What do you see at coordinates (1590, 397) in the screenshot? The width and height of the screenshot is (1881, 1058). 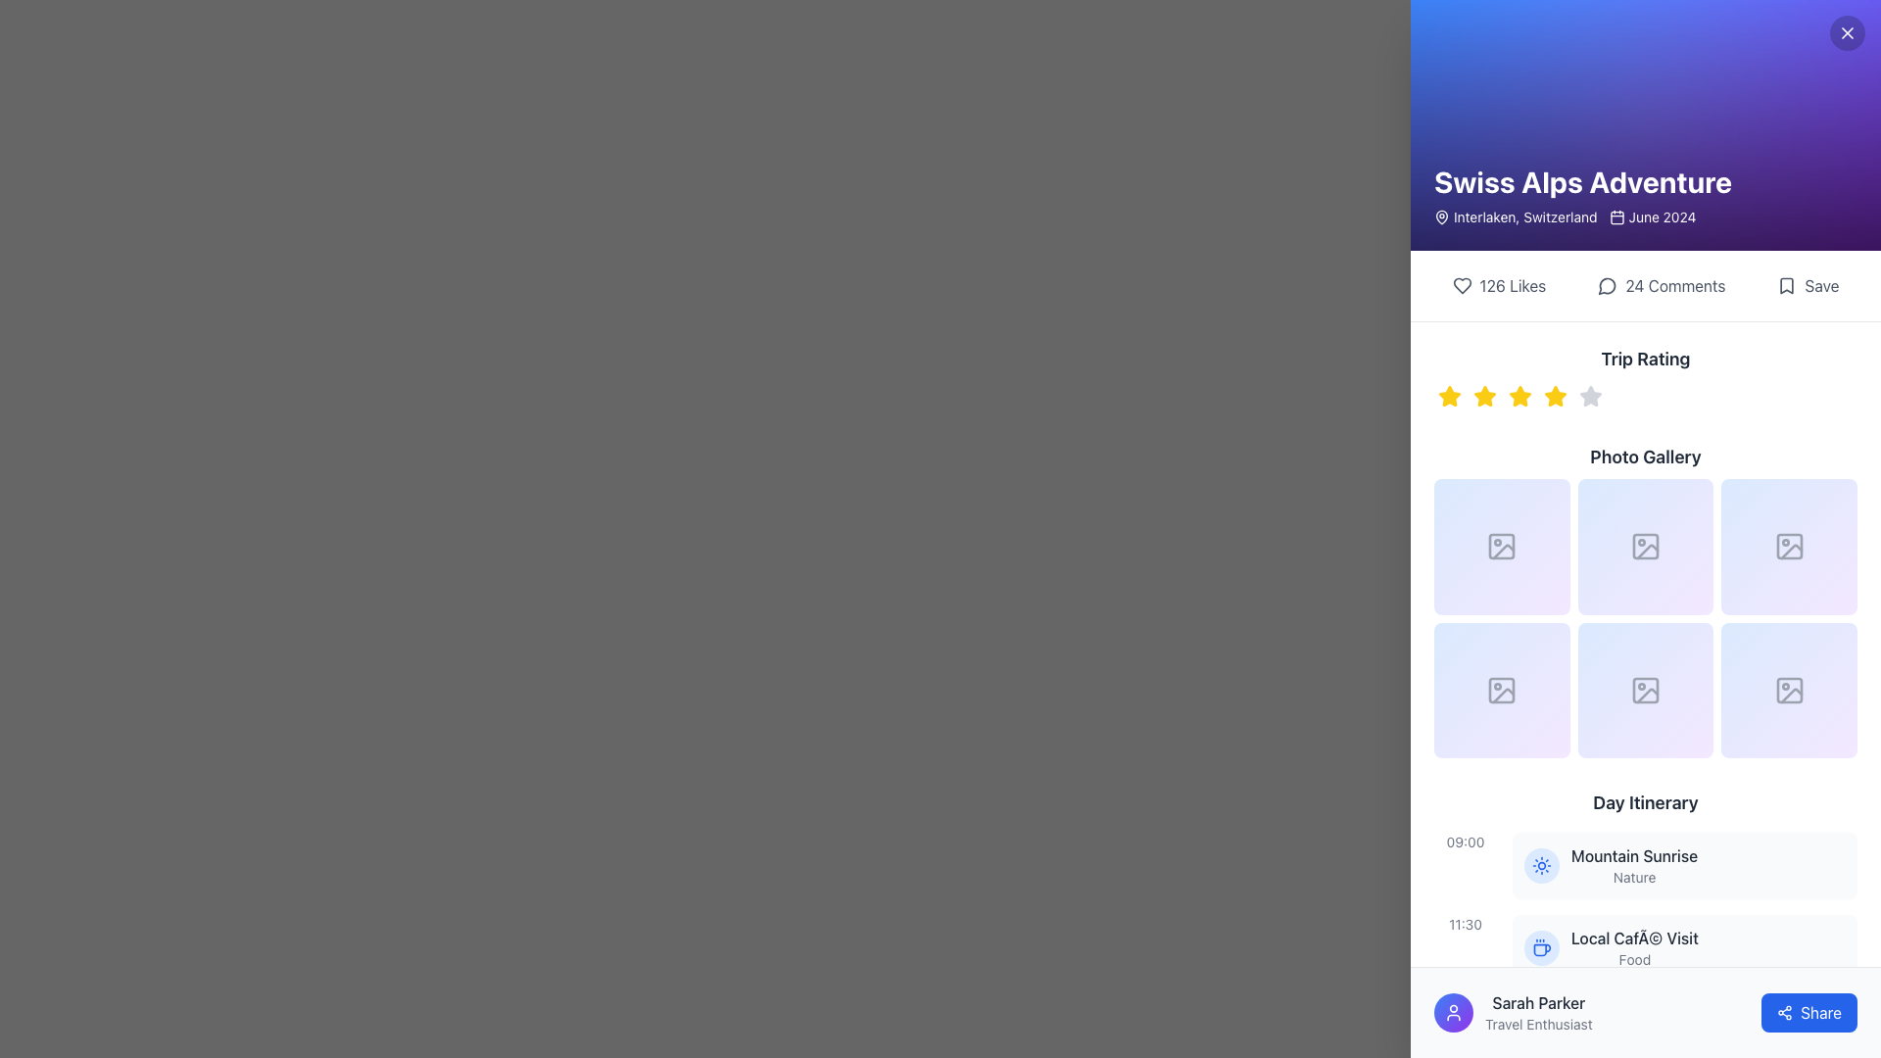 I see `the fifth gray star icon in the rating system` at bounding box center [1590, 397].